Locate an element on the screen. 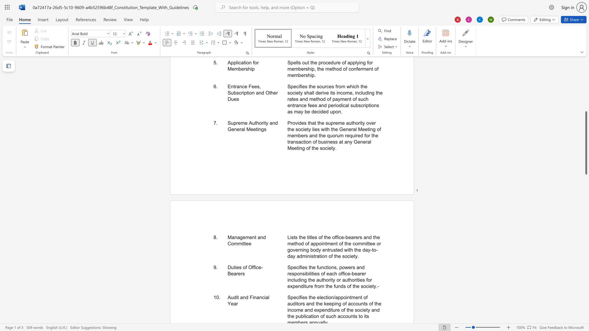 The width and height of the screenshot is (589, 331). the scrollbar to move the content higher is located at coordinates (586, 104).